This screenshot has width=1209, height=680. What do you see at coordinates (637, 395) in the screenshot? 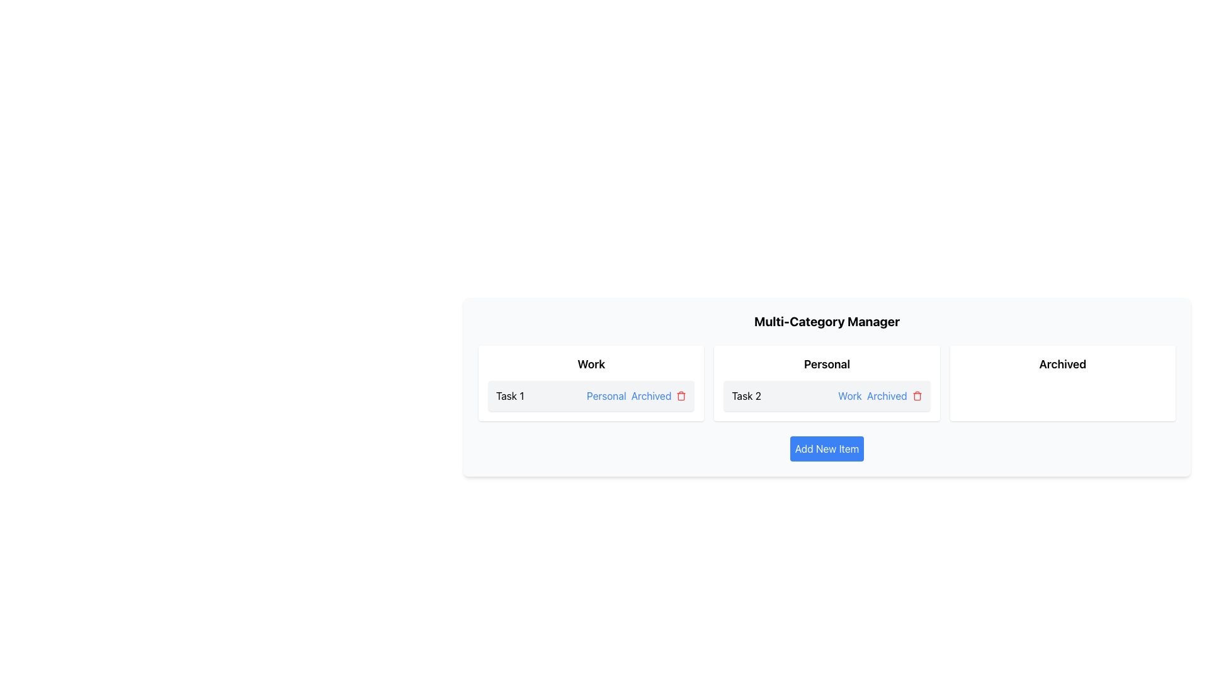
I see `the 'Archived' hyperlink located in the 'Work' pane under 'Task 1', which is the second item in the list` at bounding box center [637, 395].